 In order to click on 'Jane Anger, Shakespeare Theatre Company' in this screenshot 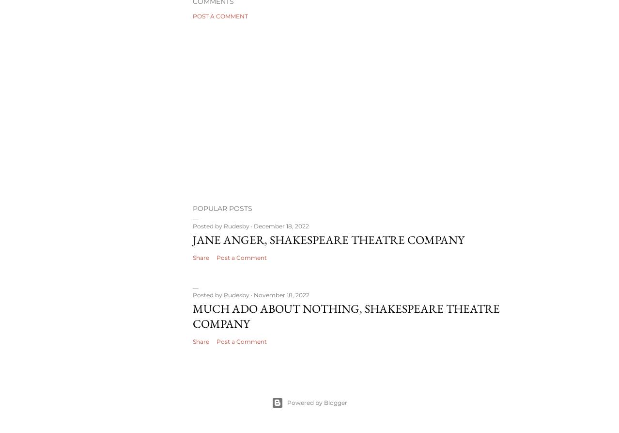, I will do `click(328, 239)`.